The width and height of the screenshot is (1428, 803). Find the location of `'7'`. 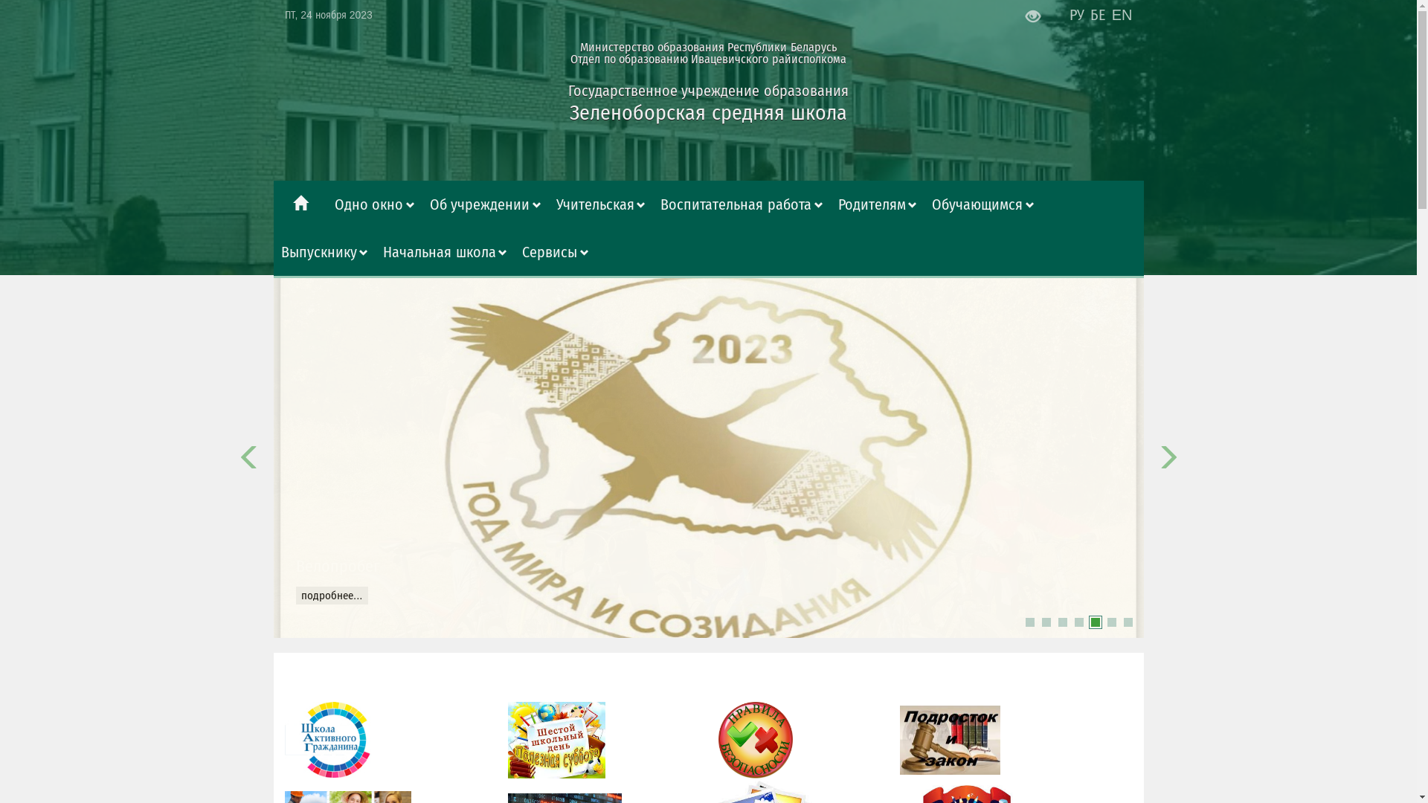

'7' is located at coordinates (1128, 622).